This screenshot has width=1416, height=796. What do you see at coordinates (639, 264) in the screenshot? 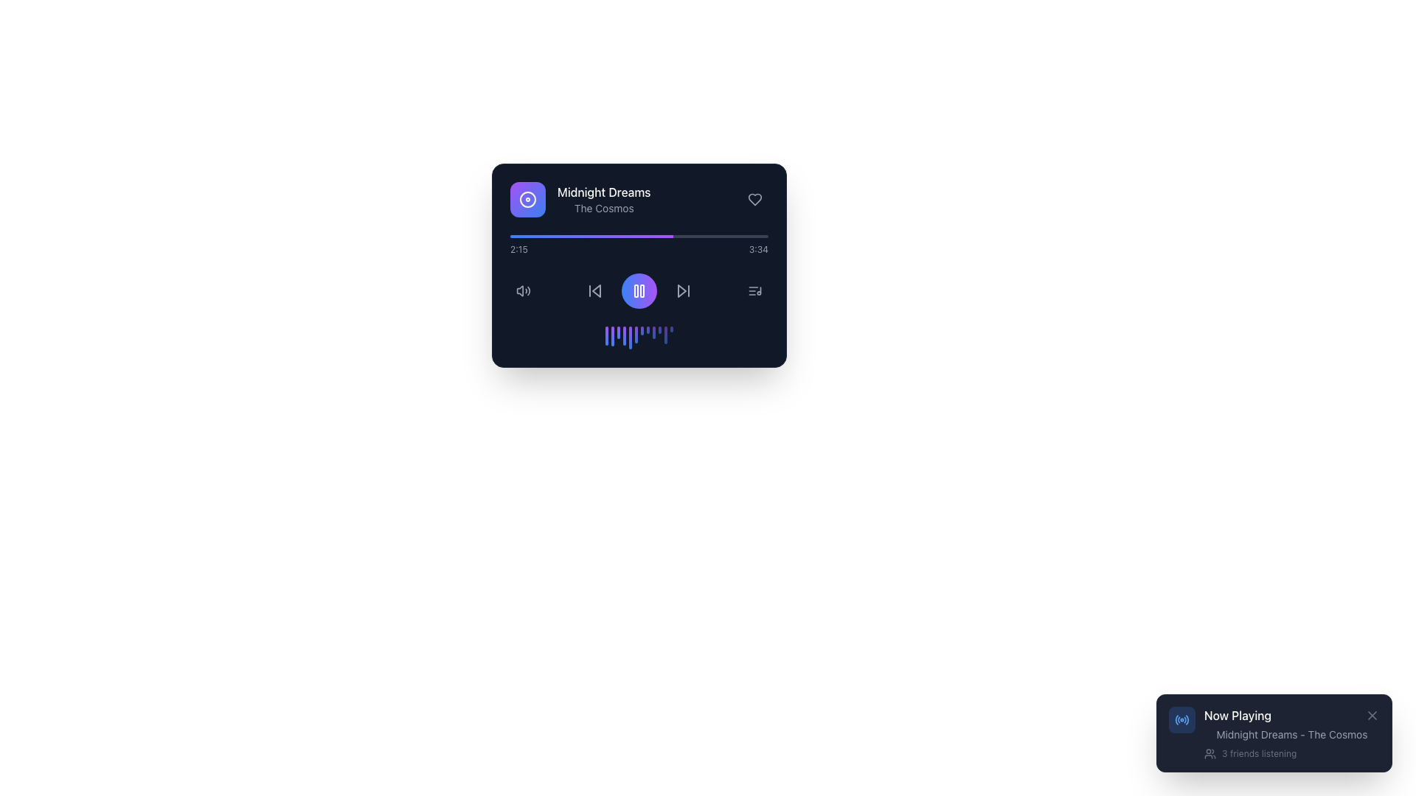
I see `the pause button in the media player interface` at bounding box center [639, 264].